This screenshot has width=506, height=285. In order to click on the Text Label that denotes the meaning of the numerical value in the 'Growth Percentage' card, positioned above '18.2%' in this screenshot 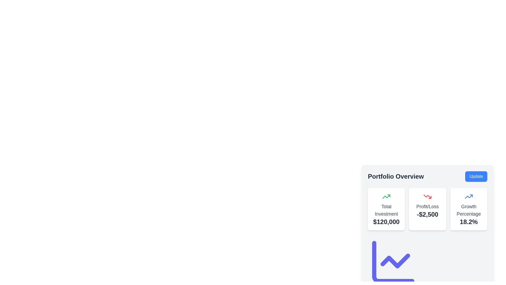, I will do `click(469, 210)`.